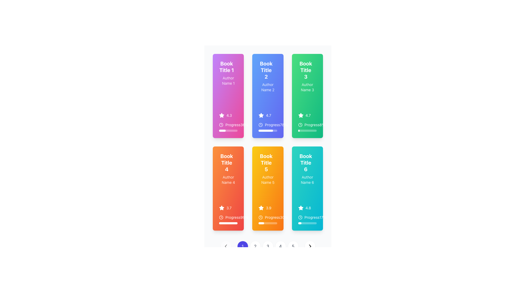 The height and width of the screenshot is (284, 505). What do you see at coordinates (228, 223) in the screenshot?
I see `visual progress represented by the horizontal progress bar located in the fourth card of a six-card grid layout, under the label 'Progress99%', within the orange-themed card labeled 'Book Title 4'` at bounding box center [228, 223].